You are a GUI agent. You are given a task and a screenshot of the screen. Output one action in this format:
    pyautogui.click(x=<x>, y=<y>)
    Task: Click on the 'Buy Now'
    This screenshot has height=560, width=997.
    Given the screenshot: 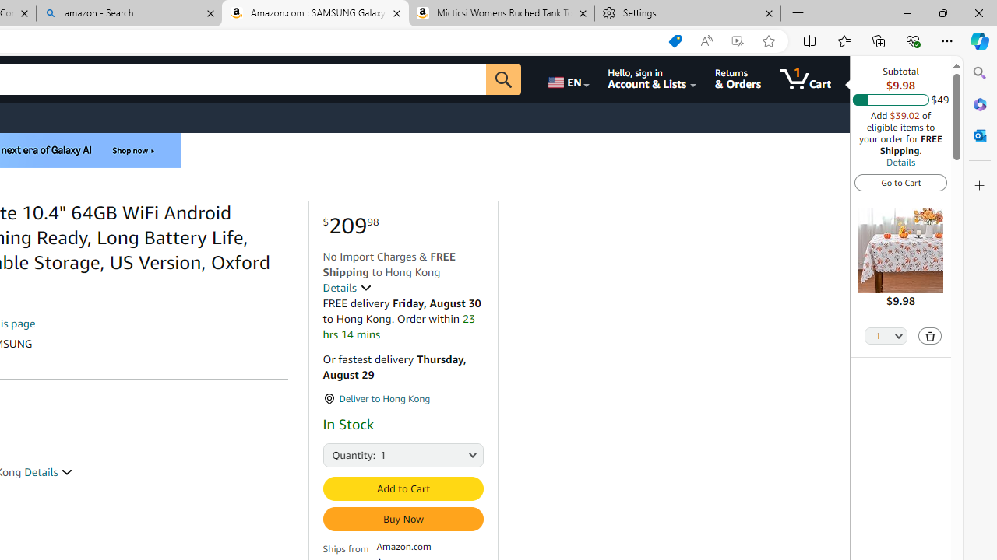 What is the action you would take?
    pyautogui.click(x=403, y=519)
    